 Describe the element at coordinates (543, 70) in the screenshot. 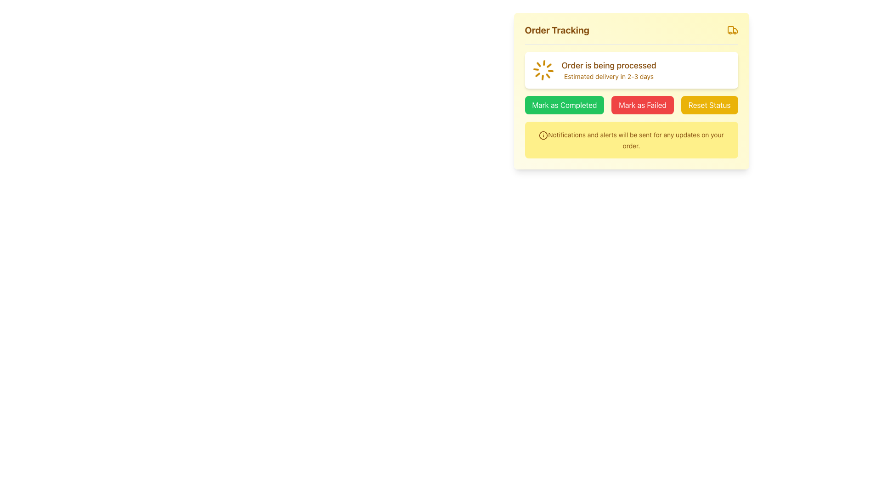

I see `the spinner element located at the top left of the white card indicating 'Order is being processed' and 'Estimated delivery in 2-3 days'` at that location.